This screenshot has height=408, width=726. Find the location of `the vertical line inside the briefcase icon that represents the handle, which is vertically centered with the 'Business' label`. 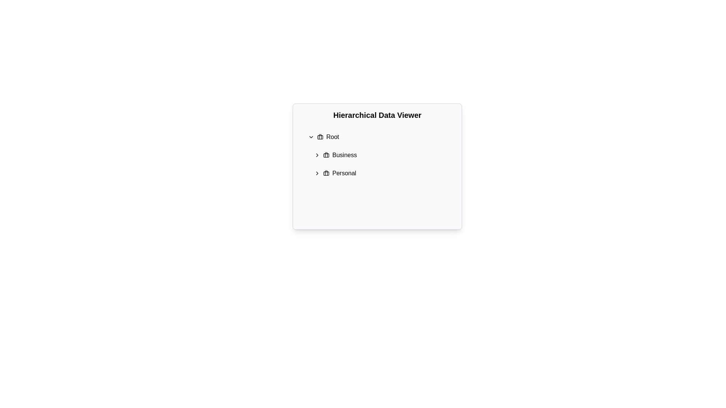

the vertical line inside the briefcase icon that represents the handle, which is vertically centered with the 'Business' label is located at coordinates (326, 154).